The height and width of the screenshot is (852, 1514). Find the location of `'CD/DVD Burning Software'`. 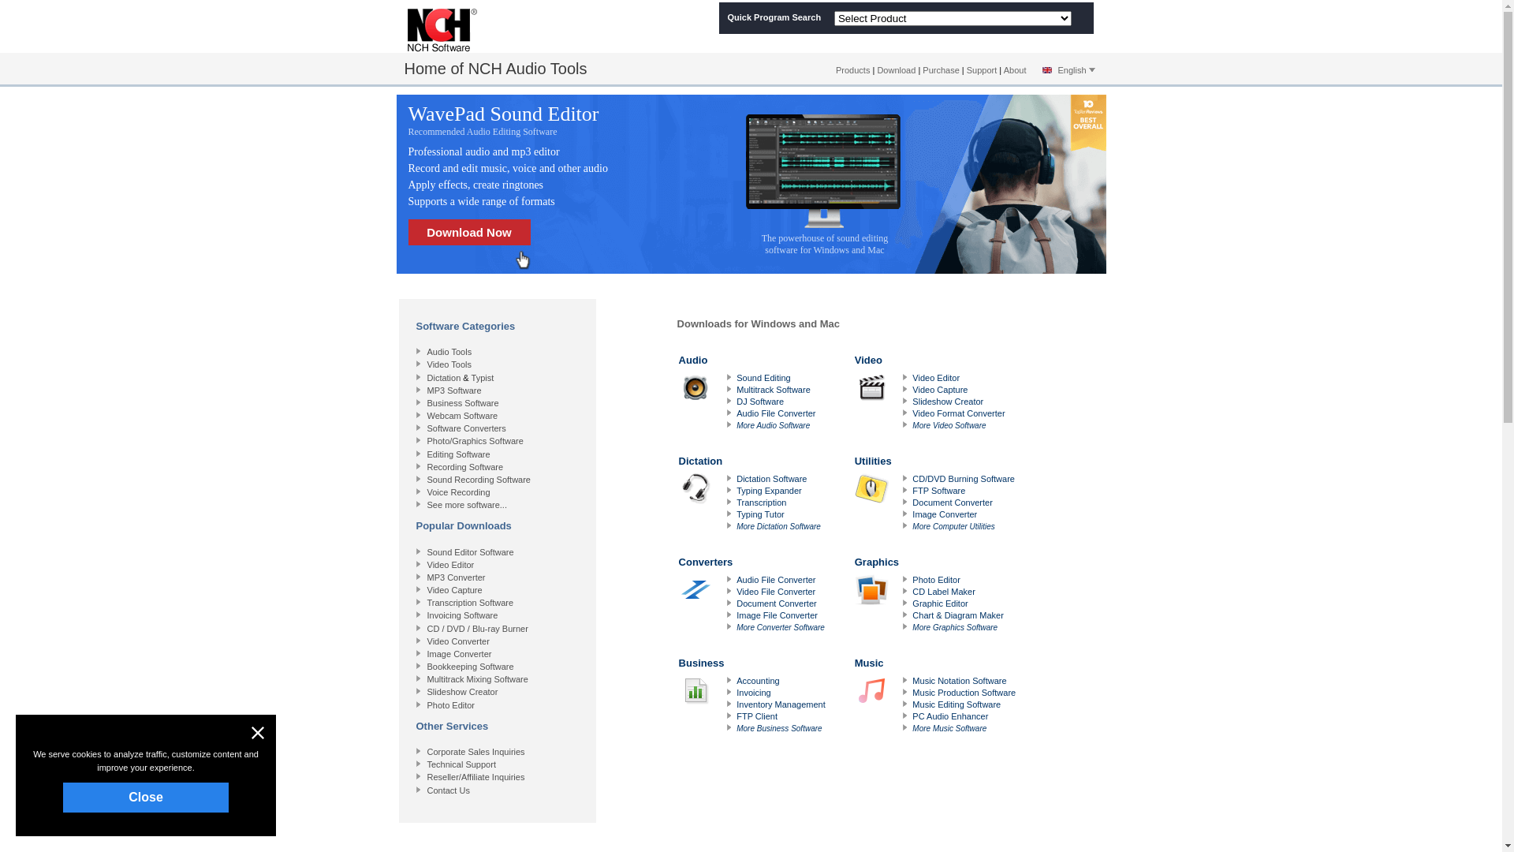

'CD/DVD Burning Software' is located at coordinates (963, 477).